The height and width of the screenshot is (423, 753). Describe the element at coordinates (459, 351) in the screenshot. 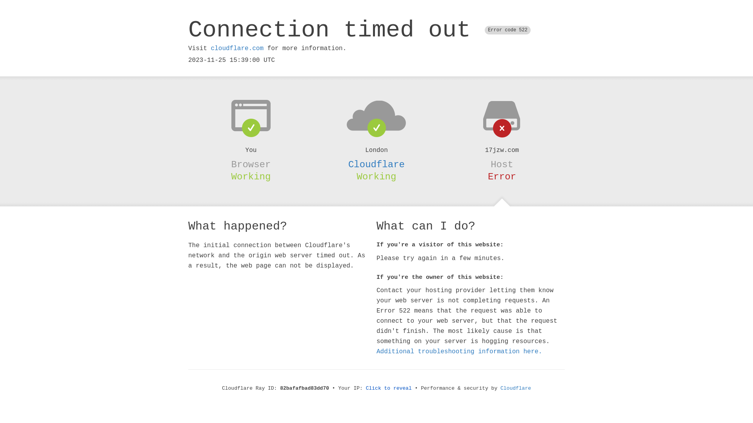

I see `'Additional troubleshooting information here.'` at that location.